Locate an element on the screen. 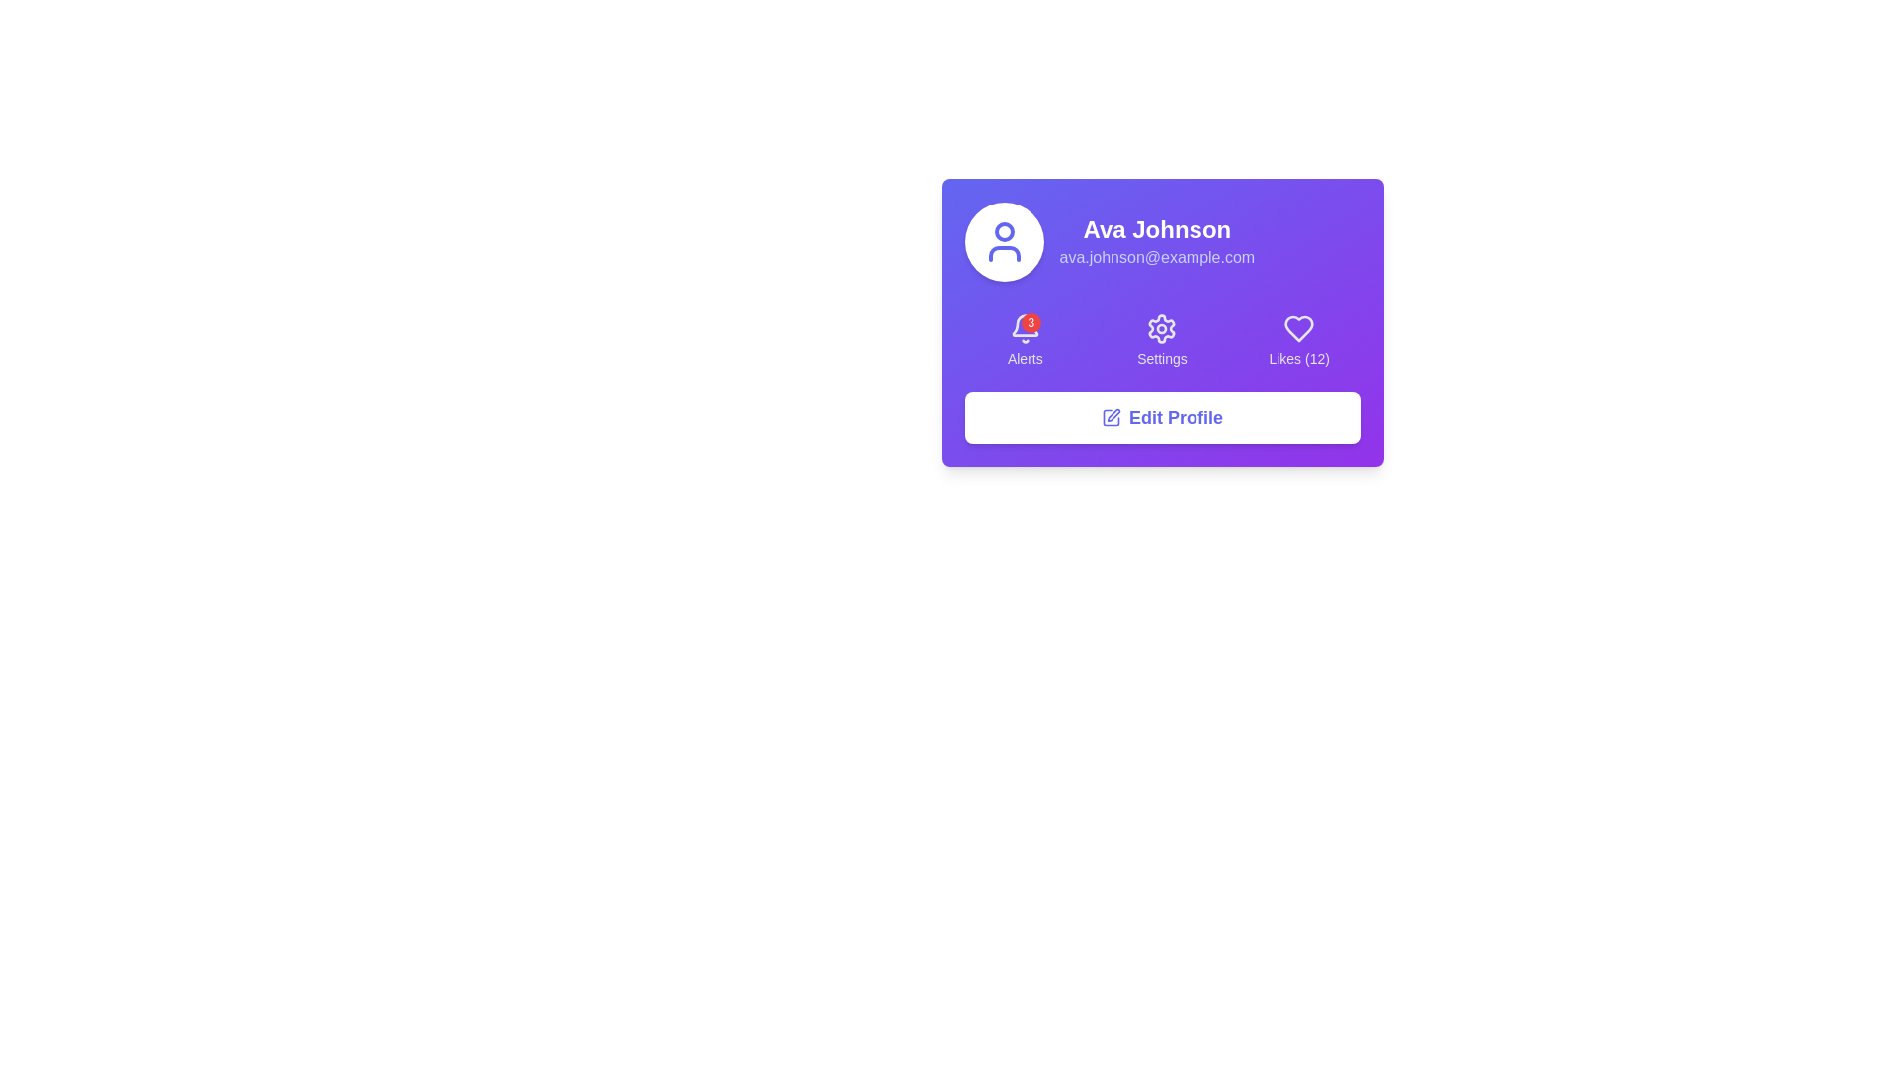 The width and height of the screenshot is (1897, 1067). the profile icon located at the top-left of the purple profile card is located at coordinates (1004, 241).